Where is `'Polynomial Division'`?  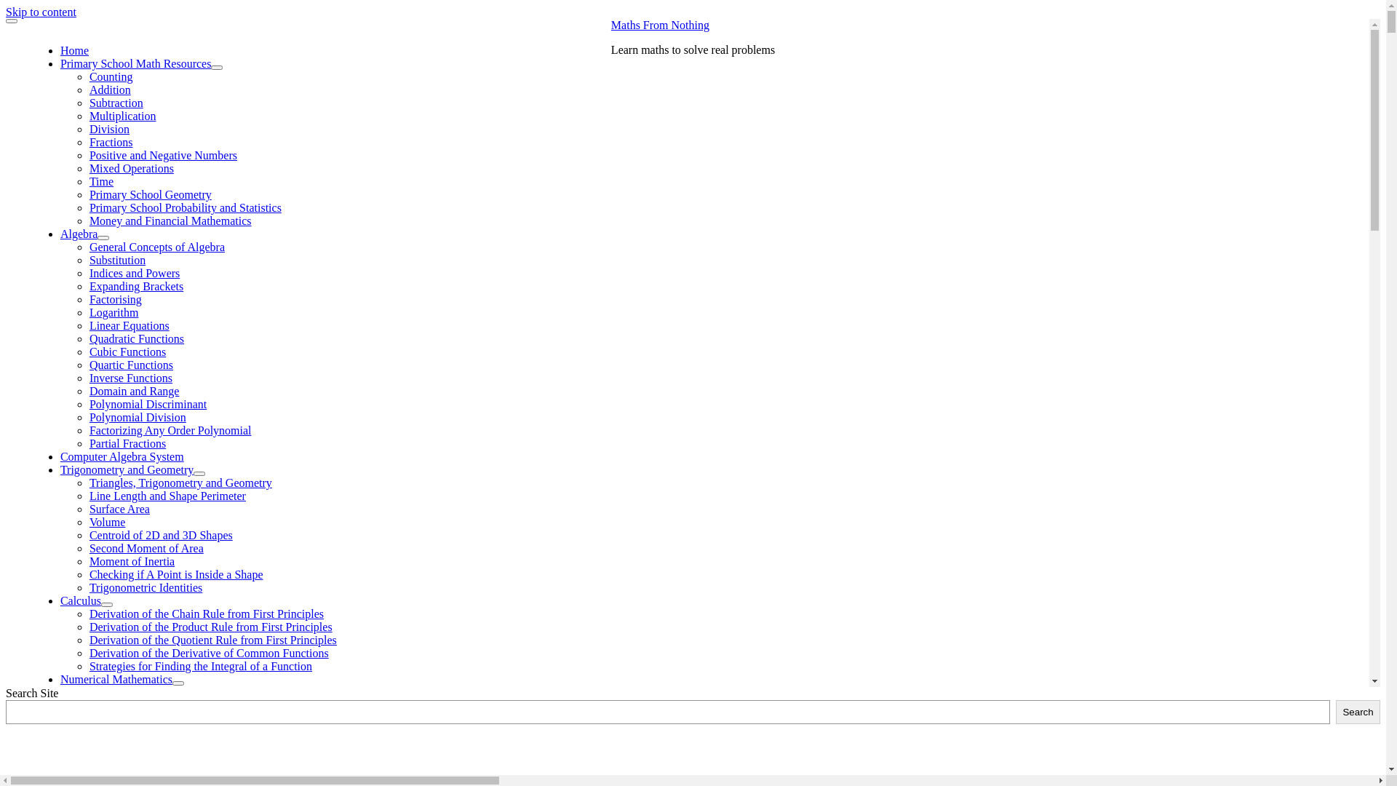 'Polynomial Division' is located at coordinates (138, 417).